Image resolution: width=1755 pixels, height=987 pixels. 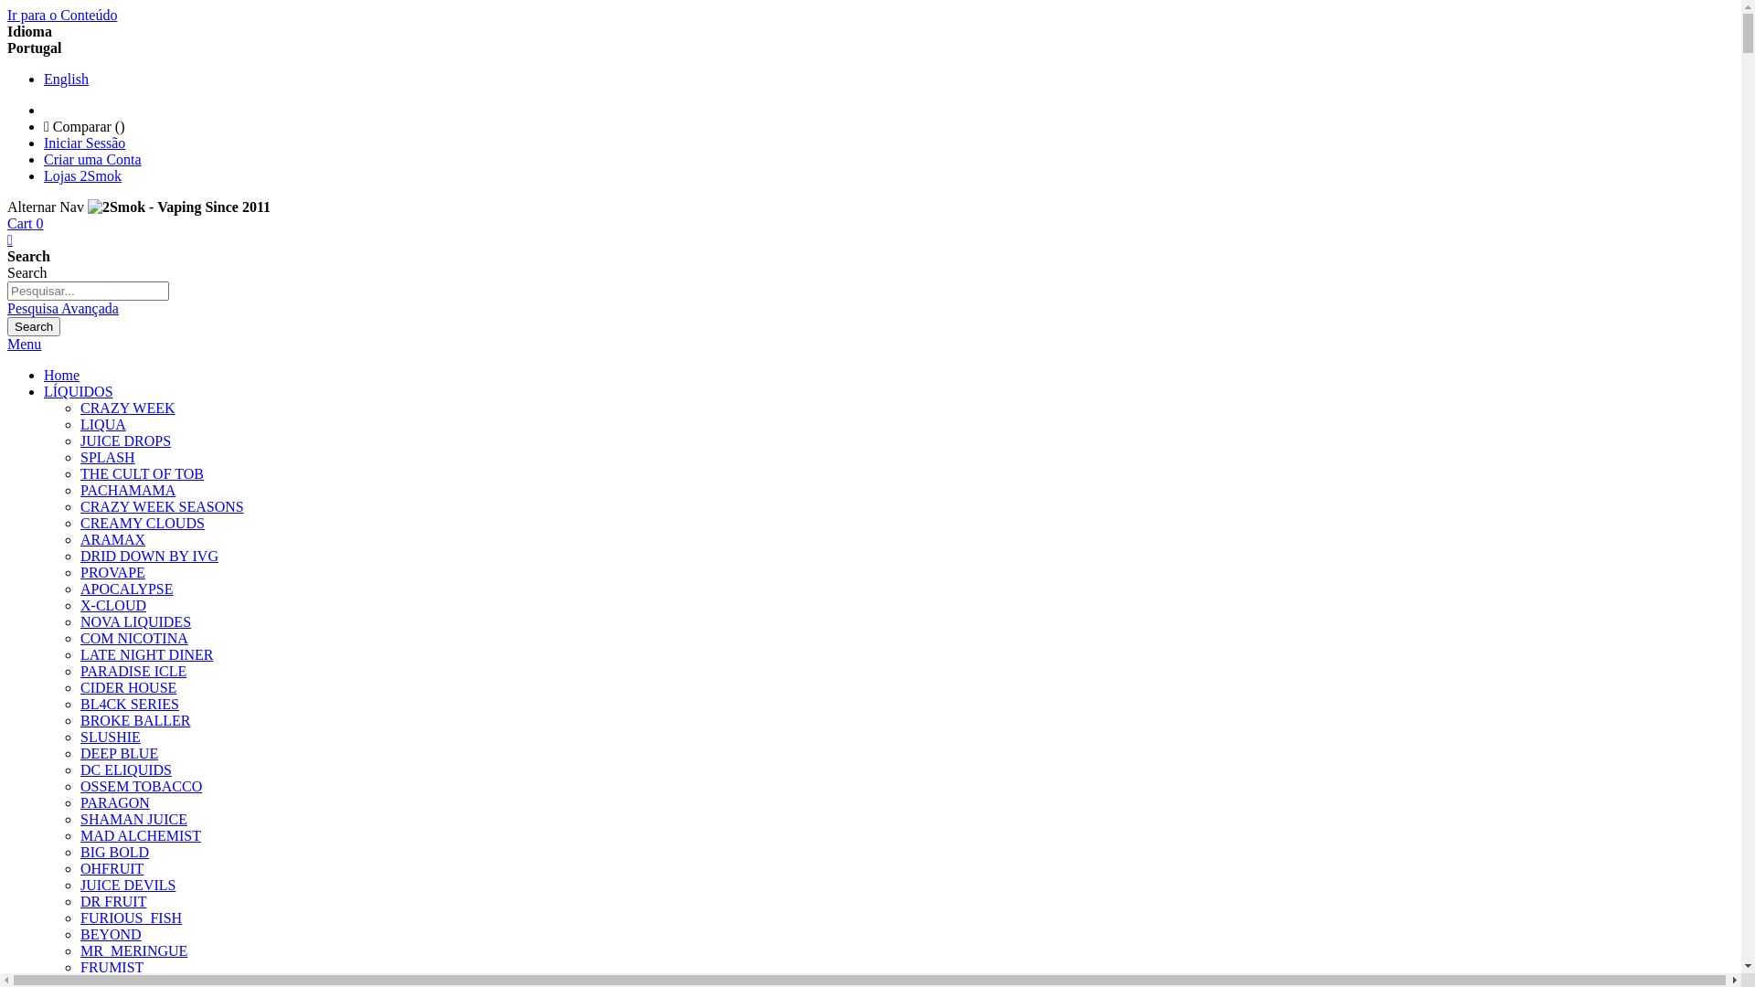 What do you see at coordinates (112, 538) in the screenshot?
I see `'ARAMAX'` at bounding box center [112, 538].